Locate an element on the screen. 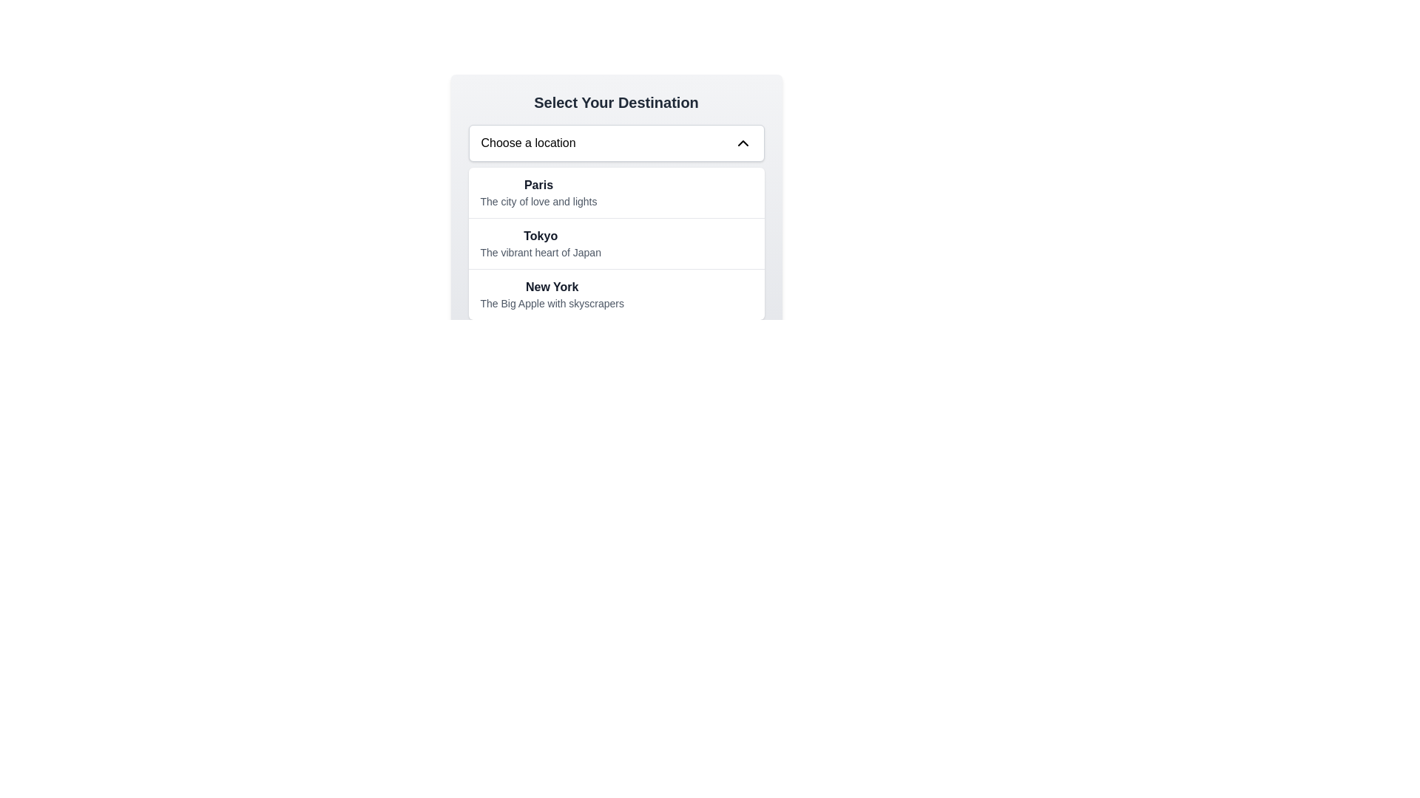 The image size is (1420, 798). the first item in the dropdown menu labeled 'Choose a location', which allows the user to select 'Paris' is located at coordinates (538, 192).